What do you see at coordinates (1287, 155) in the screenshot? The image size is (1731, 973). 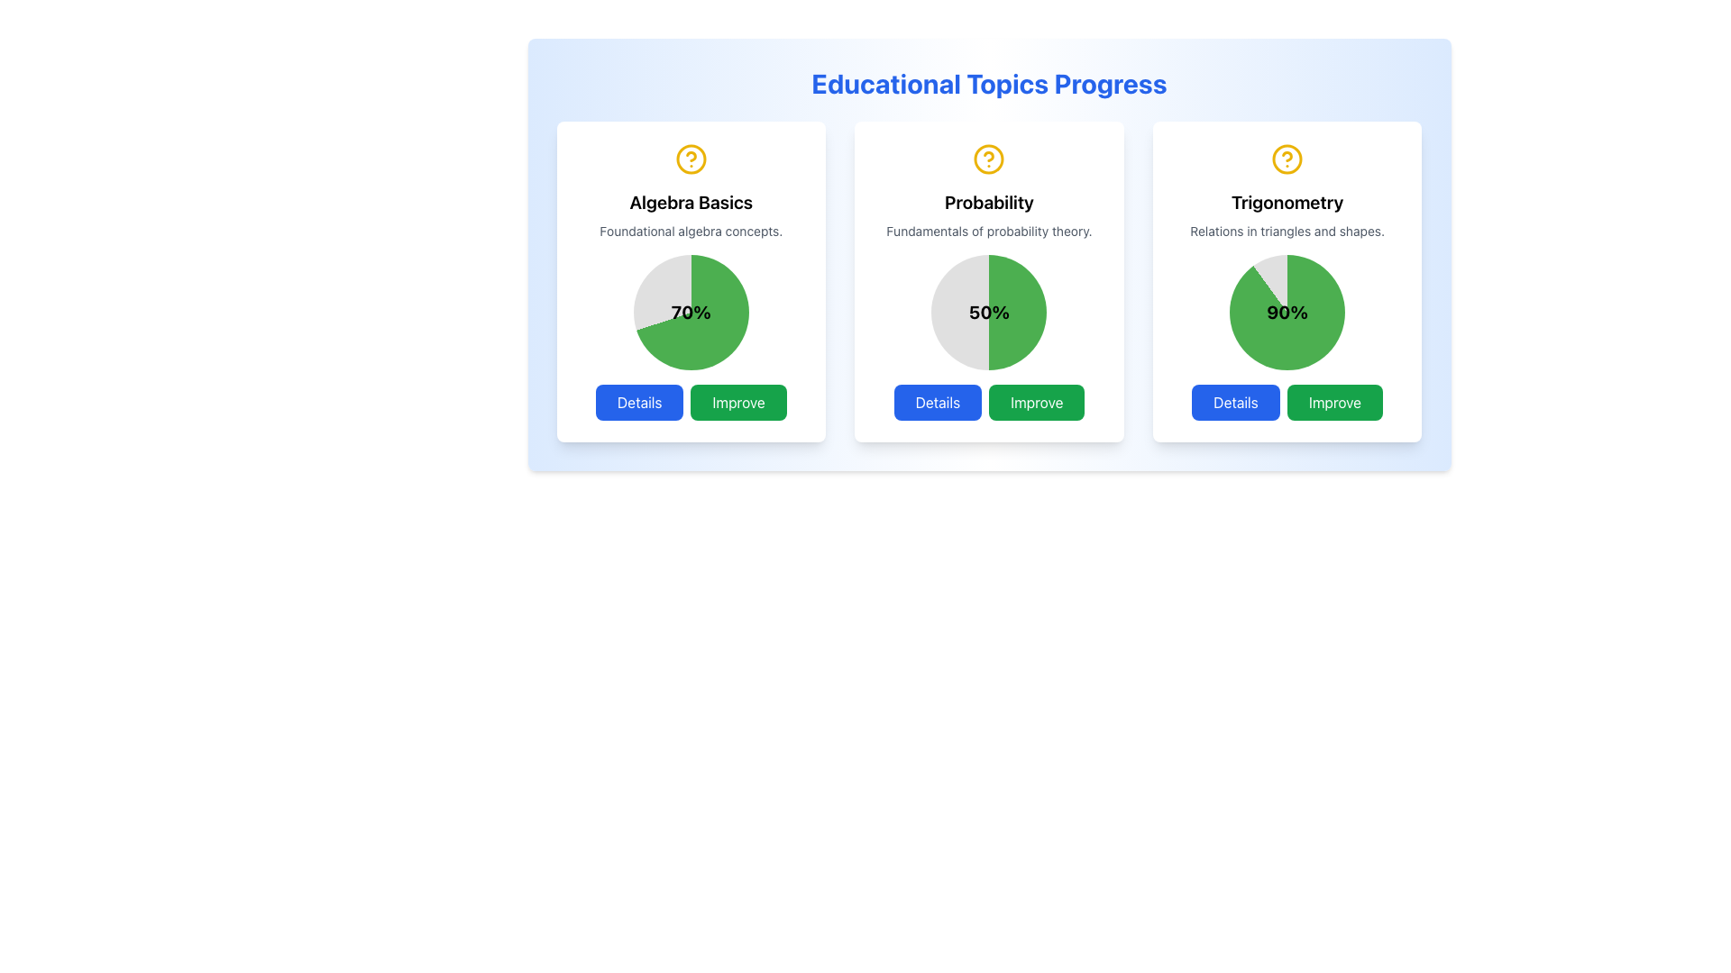 I see `the question mark icon within the yellow circular icon located above the 'Probability' card` at bounding box center [1287, 155].